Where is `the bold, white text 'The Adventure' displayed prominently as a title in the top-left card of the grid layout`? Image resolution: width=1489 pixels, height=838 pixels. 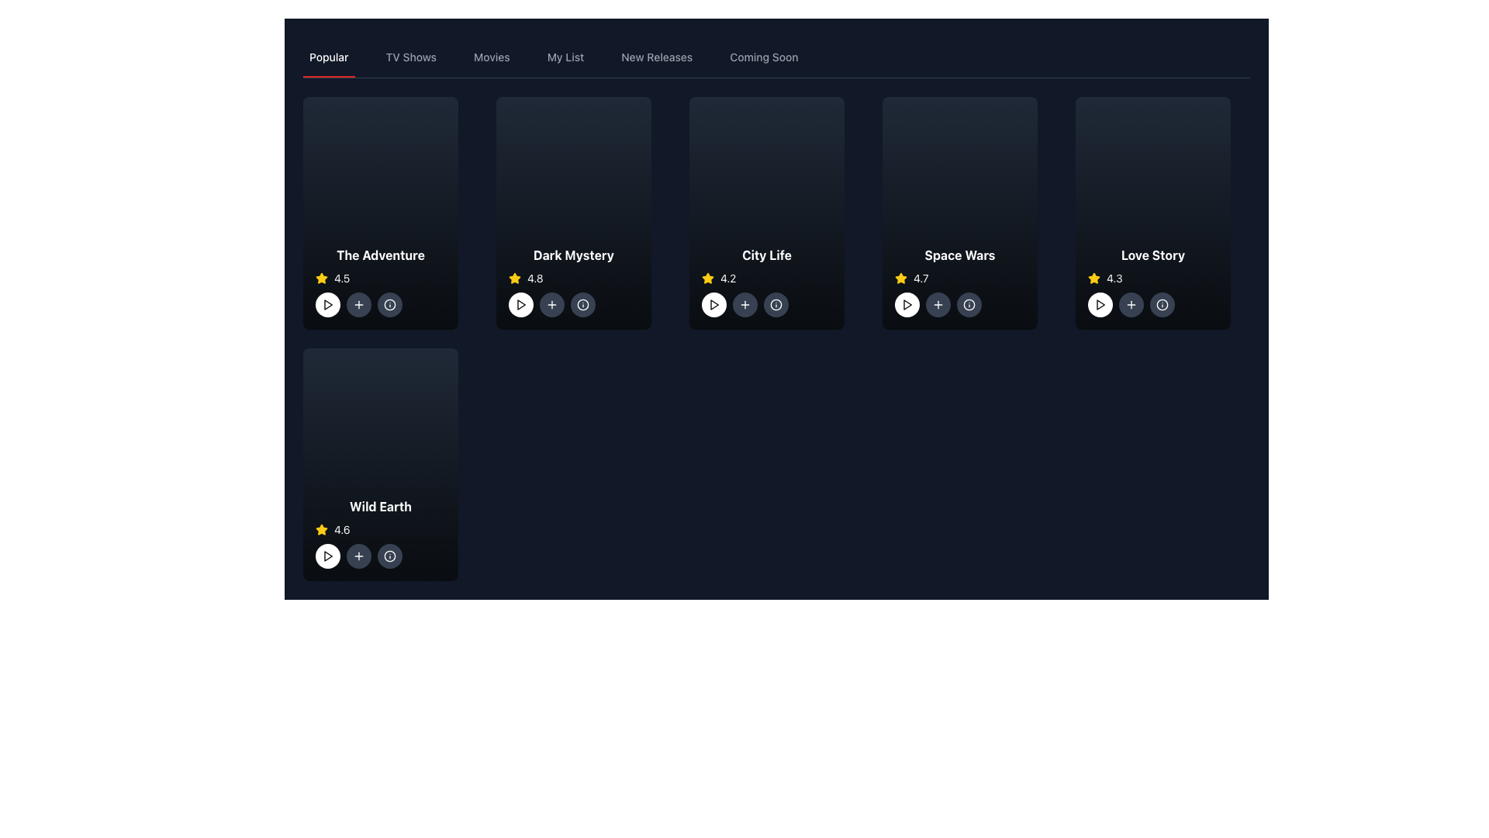 the bold, white text 'The Adventure' displayed prominently as a title in the top-left card of the grid layout is located at coordinates (380, 254).